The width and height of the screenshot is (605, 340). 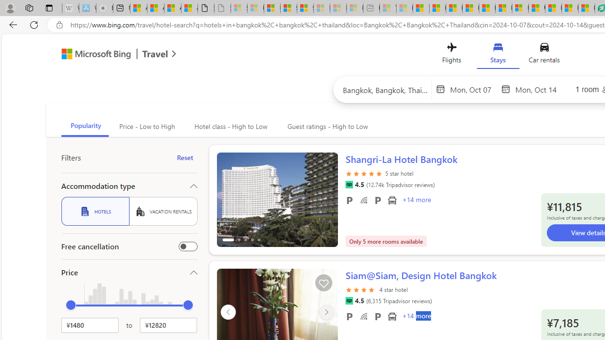 What do you see at coordinates (451, 55) in the screenshot?
I see `'Flights'` at bounding box center [451, 55].